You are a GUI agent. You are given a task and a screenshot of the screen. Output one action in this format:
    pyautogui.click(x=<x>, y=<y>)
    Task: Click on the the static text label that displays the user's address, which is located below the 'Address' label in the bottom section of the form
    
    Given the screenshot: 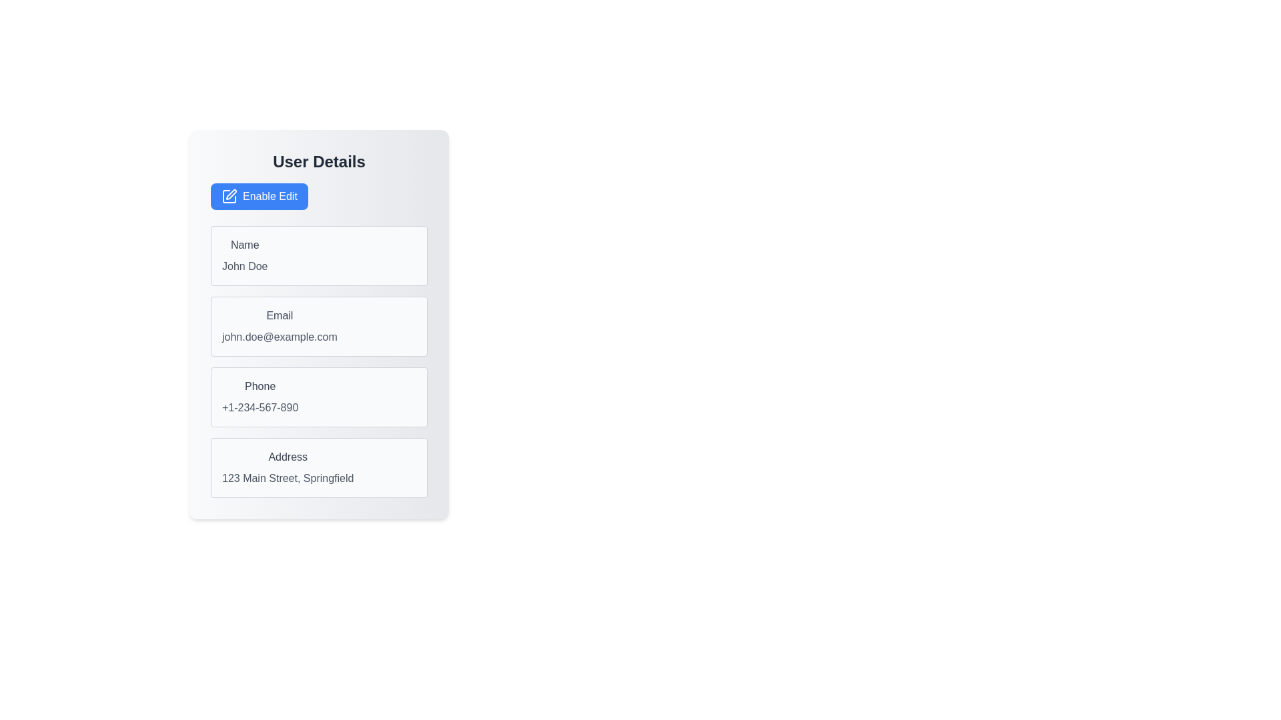 What is the action you would take?
    pyautogui.click(x=287, y=477)
    